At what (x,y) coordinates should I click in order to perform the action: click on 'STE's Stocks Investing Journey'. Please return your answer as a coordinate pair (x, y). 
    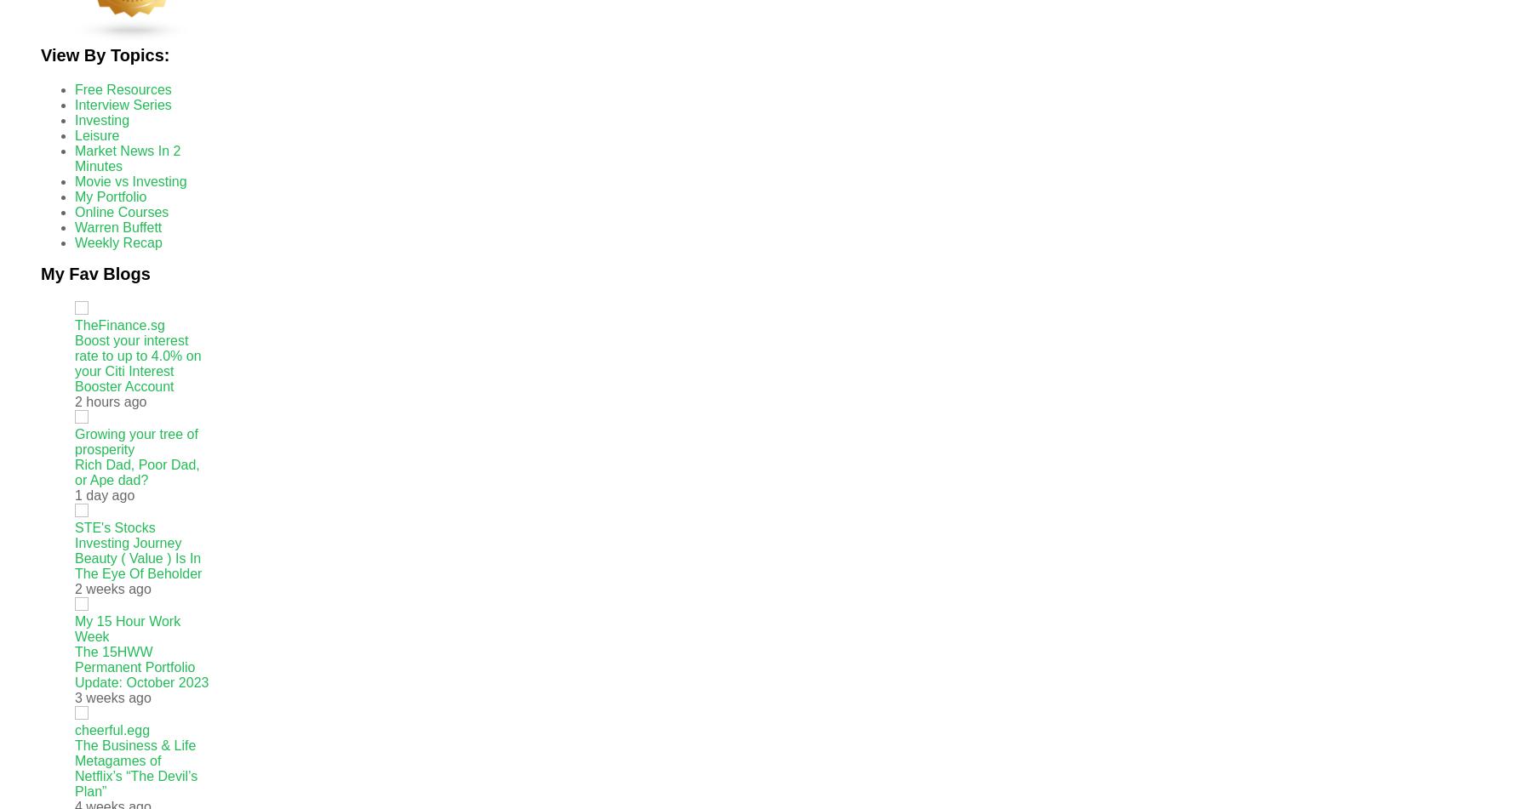
    Looking at the image, I should click on (127, 534).